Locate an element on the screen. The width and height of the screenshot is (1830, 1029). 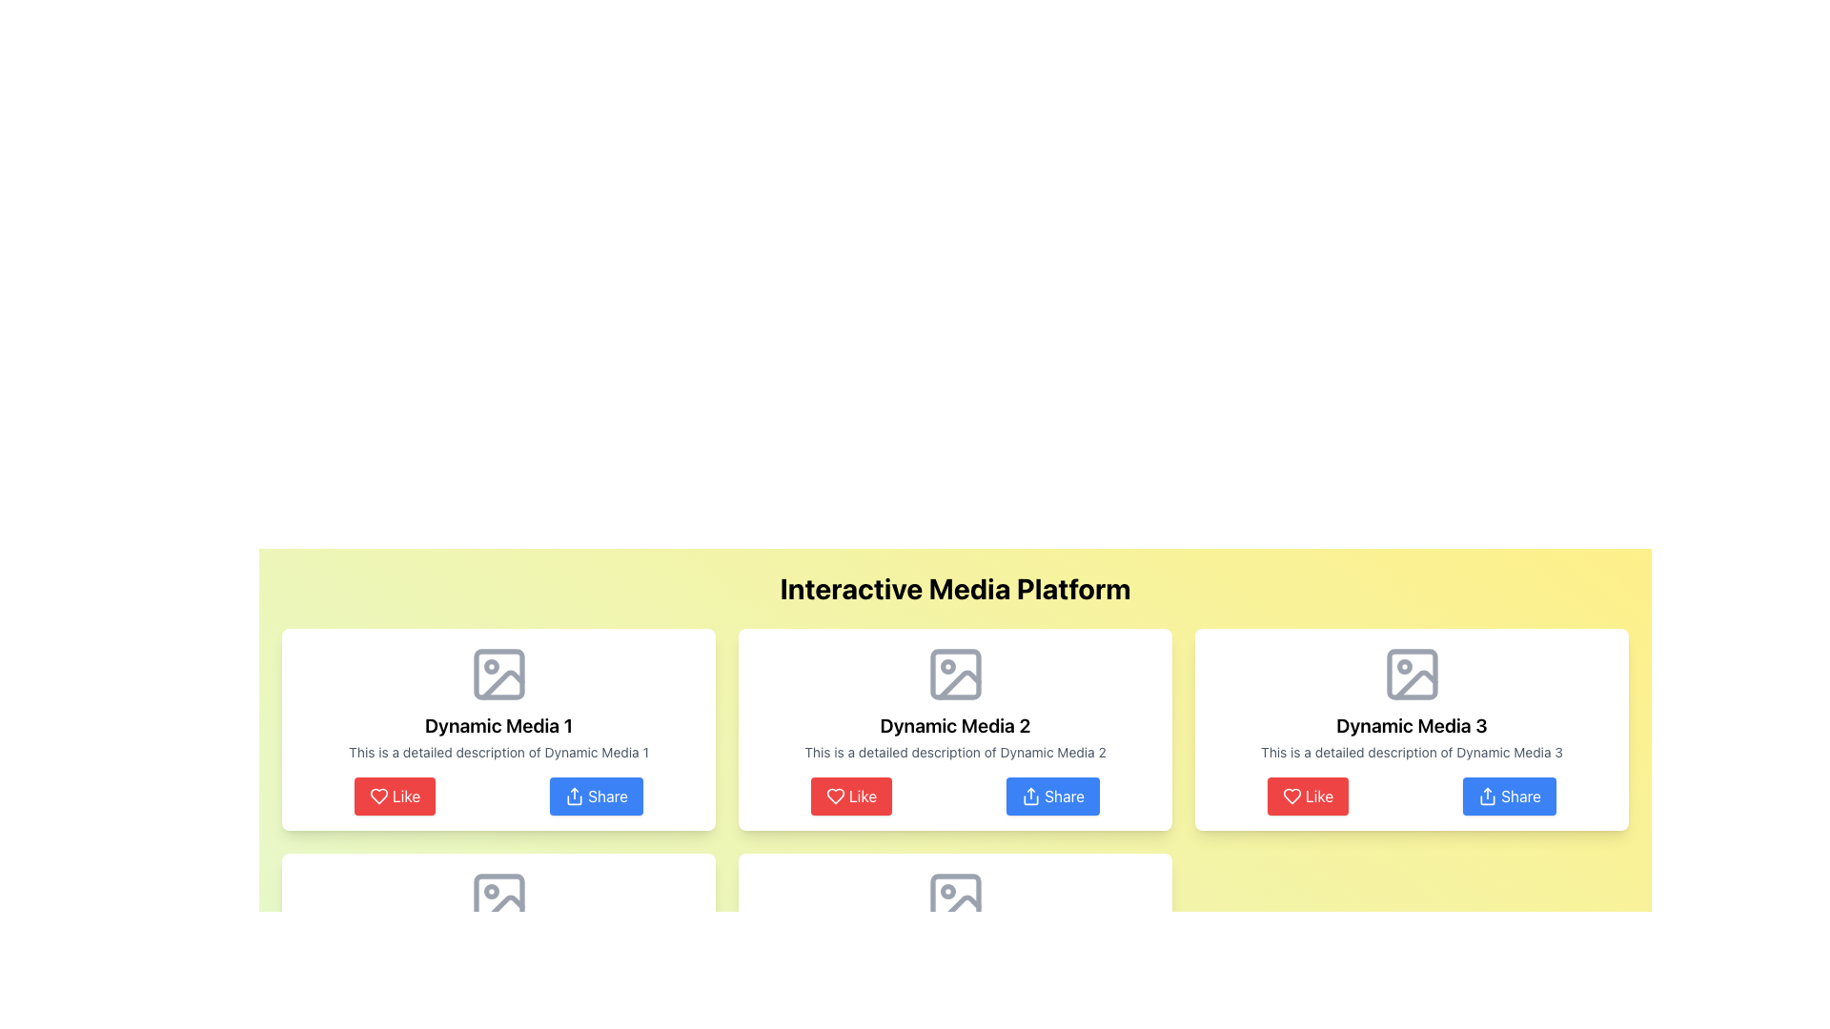
descriptive text element located beneath the title 'Dynamic Media 2' in the central column of the card layout is located at coordinates (955, 752).